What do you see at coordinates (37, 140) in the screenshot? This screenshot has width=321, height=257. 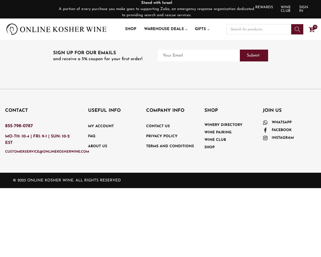 I see `'Mo-Th: 10-4 | Fri: 9-1 | Sun: 10-2 EST'` at bounding box center [37, 140].